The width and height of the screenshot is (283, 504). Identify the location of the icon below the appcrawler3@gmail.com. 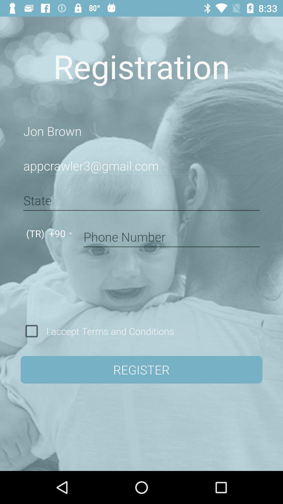
(141, 200).